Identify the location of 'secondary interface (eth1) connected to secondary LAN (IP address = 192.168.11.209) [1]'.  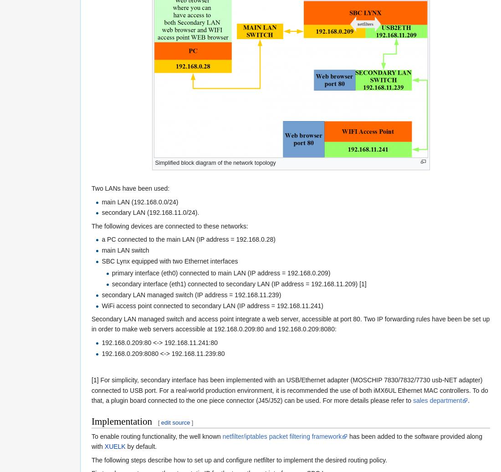
(239, 284).